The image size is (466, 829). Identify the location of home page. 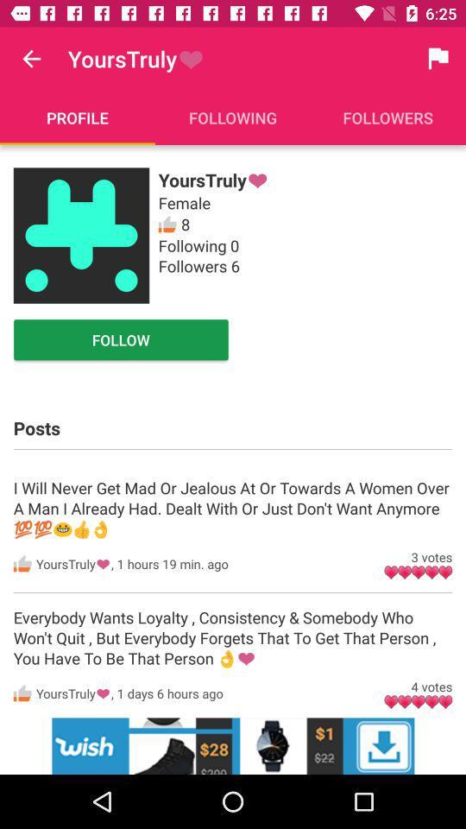
(80, 235).